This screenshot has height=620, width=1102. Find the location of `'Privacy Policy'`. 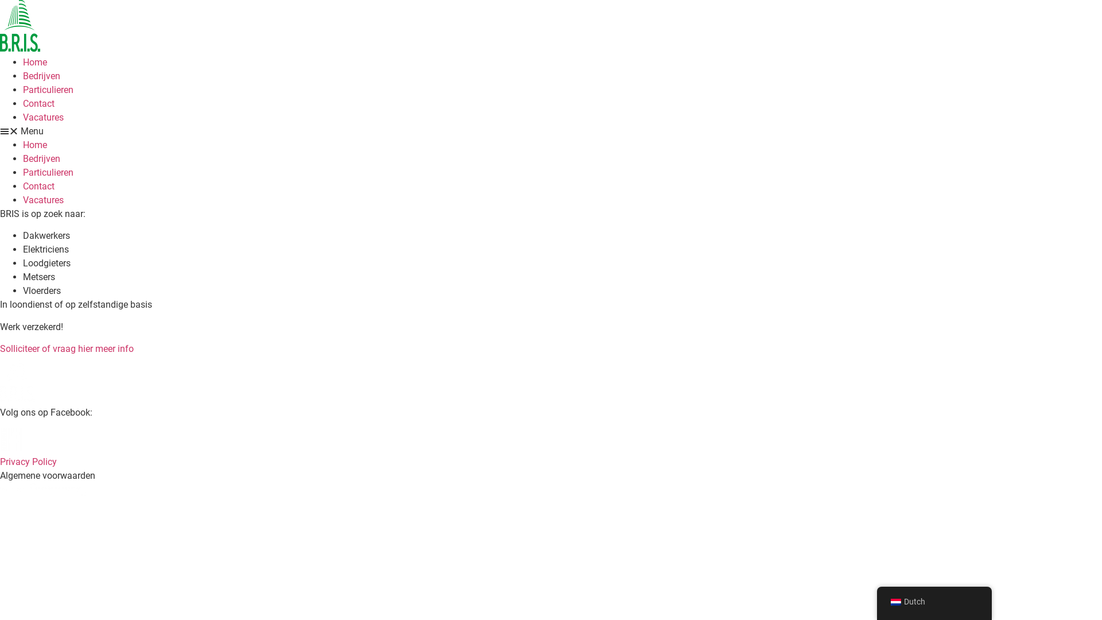

'Privacy Policy' is located at coordinates (28, 461).